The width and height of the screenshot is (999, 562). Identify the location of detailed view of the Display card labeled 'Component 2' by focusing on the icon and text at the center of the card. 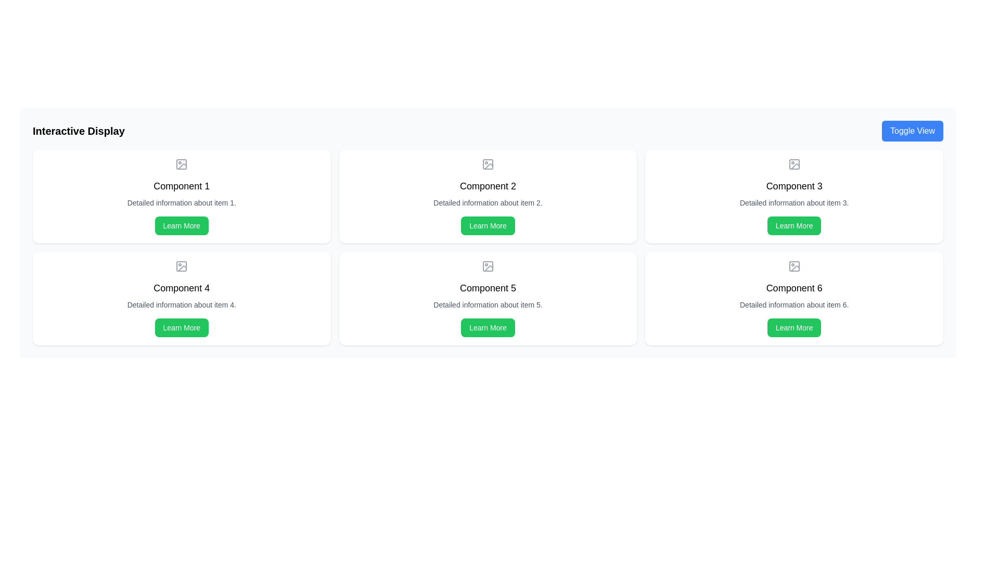
(487, 197).